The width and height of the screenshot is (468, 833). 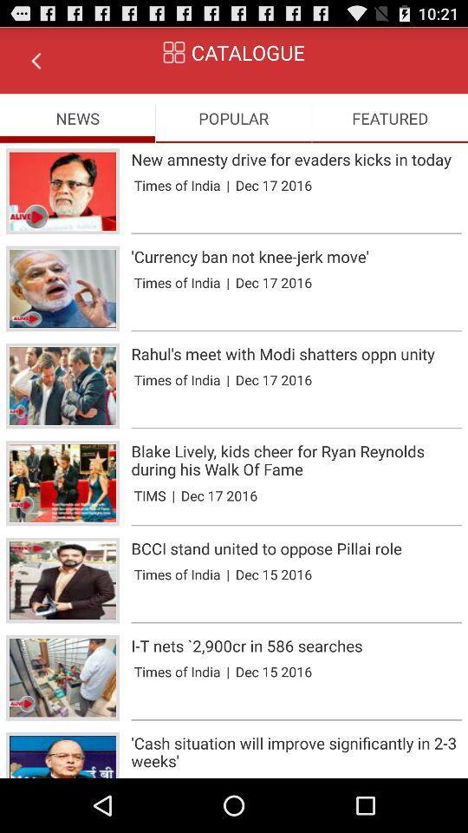 I want to click on app below the times of india item, so click(x=296, y=233).